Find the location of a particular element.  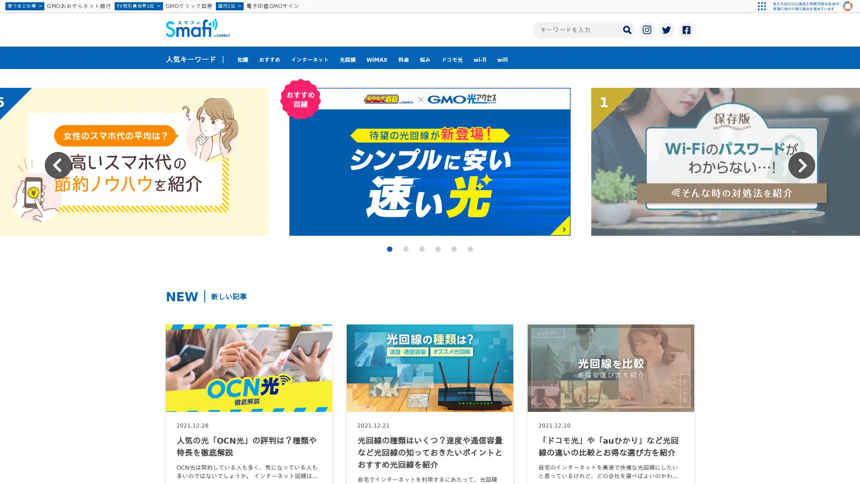

Next is located at coordinates (802, 165).